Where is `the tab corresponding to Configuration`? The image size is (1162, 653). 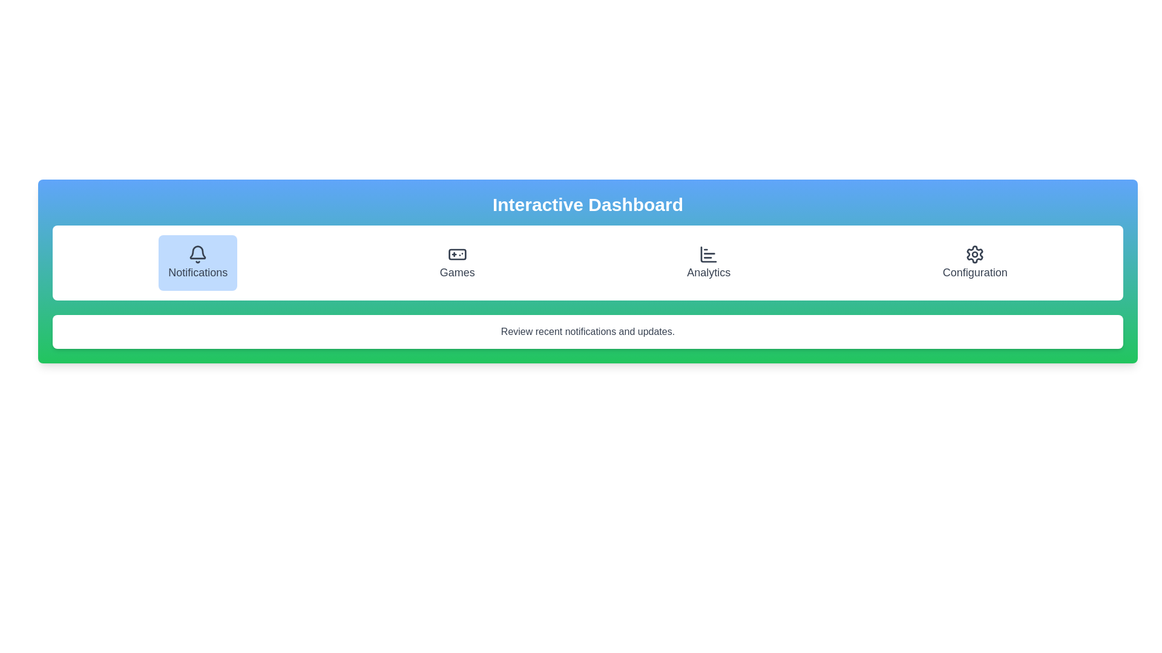
the tab corresponding to Configuration is located at coordinates (975, 262).